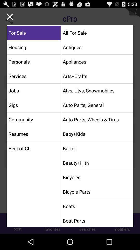 This screenshot has width=140, height=250. Describe the element at coordinates (10, 17) in the screenshot. I see `field` at that location.